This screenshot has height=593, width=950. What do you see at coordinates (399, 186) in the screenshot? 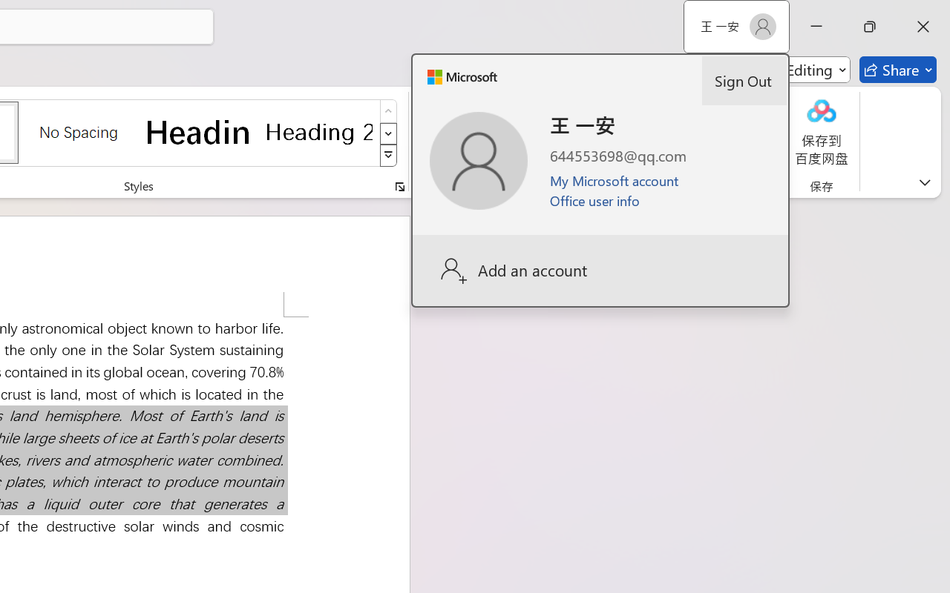
I see `'Styles...'` at bounding box center [399, 186].